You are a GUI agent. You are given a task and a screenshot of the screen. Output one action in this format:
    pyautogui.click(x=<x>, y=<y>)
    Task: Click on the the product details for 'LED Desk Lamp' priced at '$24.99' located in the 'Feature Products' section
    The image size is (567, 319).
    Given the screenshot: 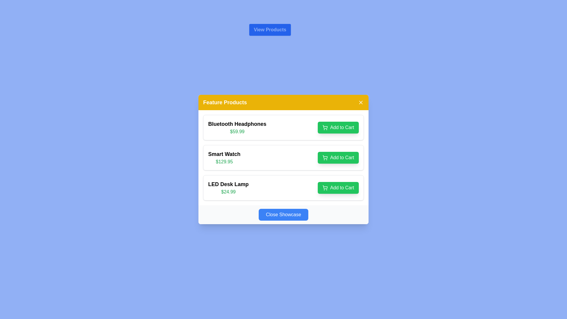 What is the action you would take?
    pyautogui.click(x=228, y=188)
    